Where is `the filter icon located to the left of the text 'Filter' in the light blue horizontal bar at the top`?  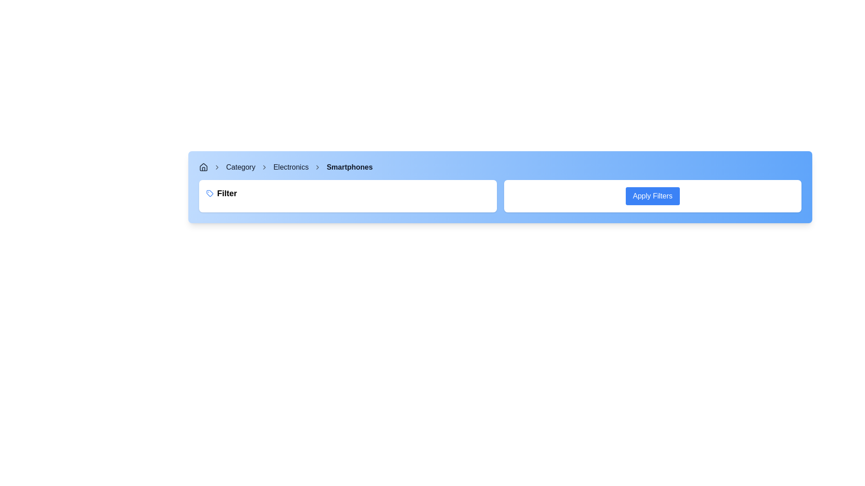 the filter icon located to the left of the text 'Filter' in the light blue horizontal bar at the top is located at coordinates (209, 193).